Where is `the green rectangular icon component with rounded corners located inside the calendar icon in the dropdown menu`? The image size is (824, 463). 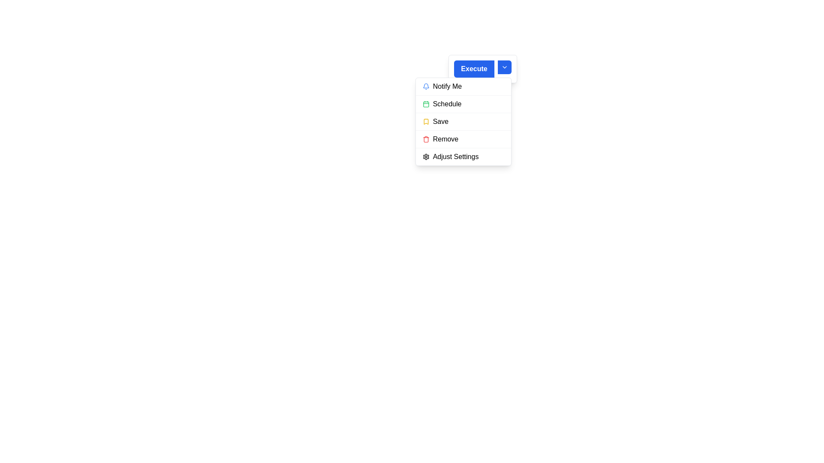
the green rectangular icon component with rounded corners located inside the calendar icon in the dropdown menu is located at coordinates (426, 104).